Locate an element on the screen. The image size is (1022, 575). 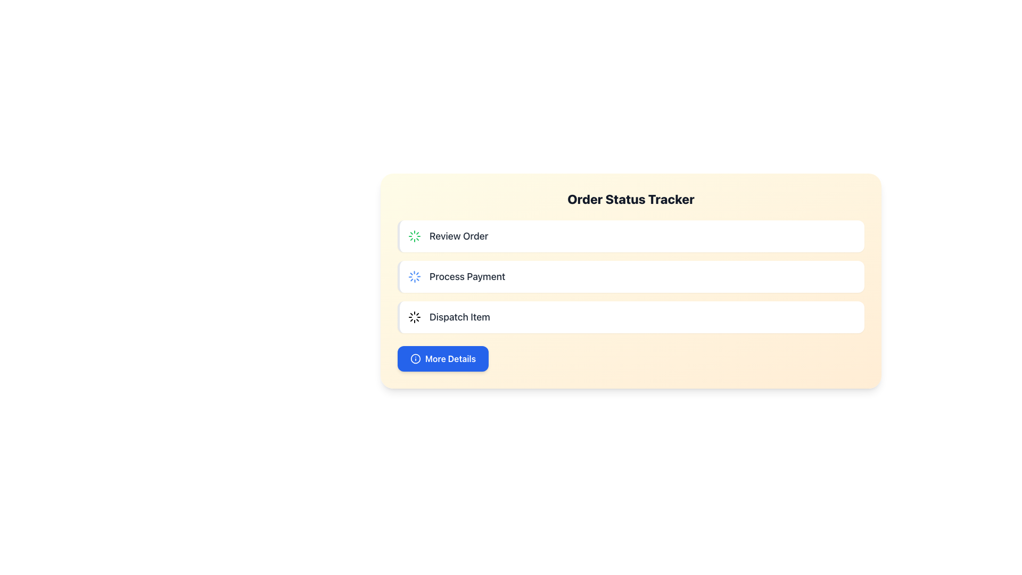
the animated loader icon that indicates the status of the 'Process Payment' step, located at the leftmost side of the white rectangular card labeled 'Process Payment' in the 'Order Status Tracker' section is located at coordinates (414, 276).